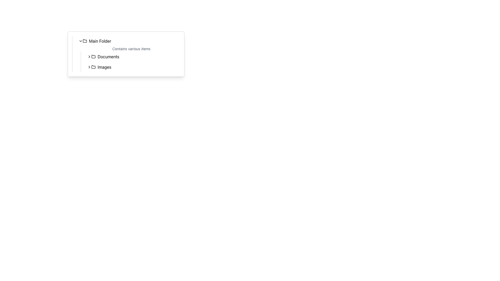 The height and width of the screenshot is (281, 500). Describe the element at coordinates (93, 67) in the screenshot. I see `the graphical representation of the SVG Folder Icon for the 'Images' folder in the tree structure` at that location.